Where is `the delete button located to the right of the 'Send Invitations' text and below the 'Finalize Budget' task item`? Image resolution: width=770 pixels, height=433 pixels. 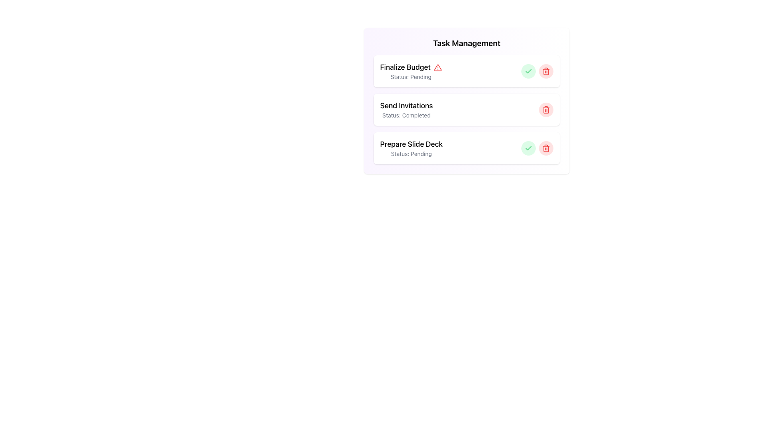
the delete button located to the right of the 'Send Invitations' text and below the 'Finalize Budget' task item is located at coordinates (546, 109).